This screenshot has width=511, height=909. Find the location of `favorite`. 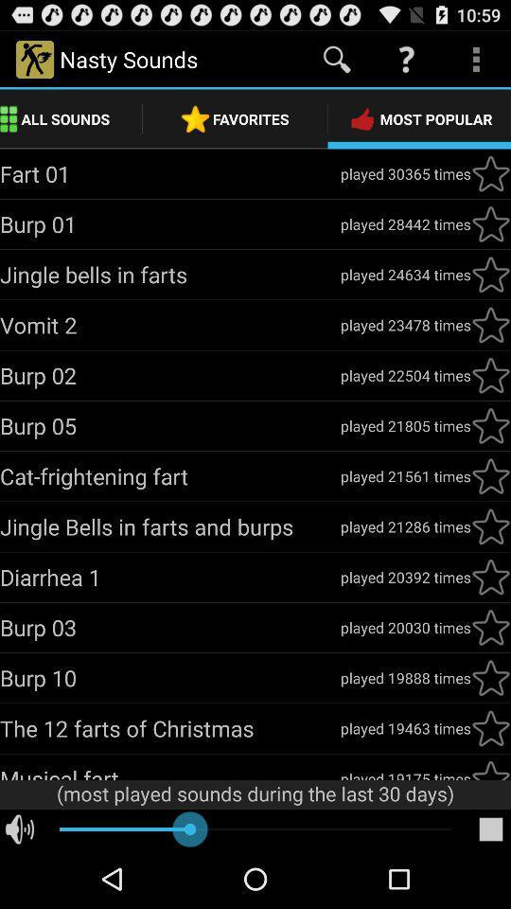

favorite is located at coordinates (490, 274).